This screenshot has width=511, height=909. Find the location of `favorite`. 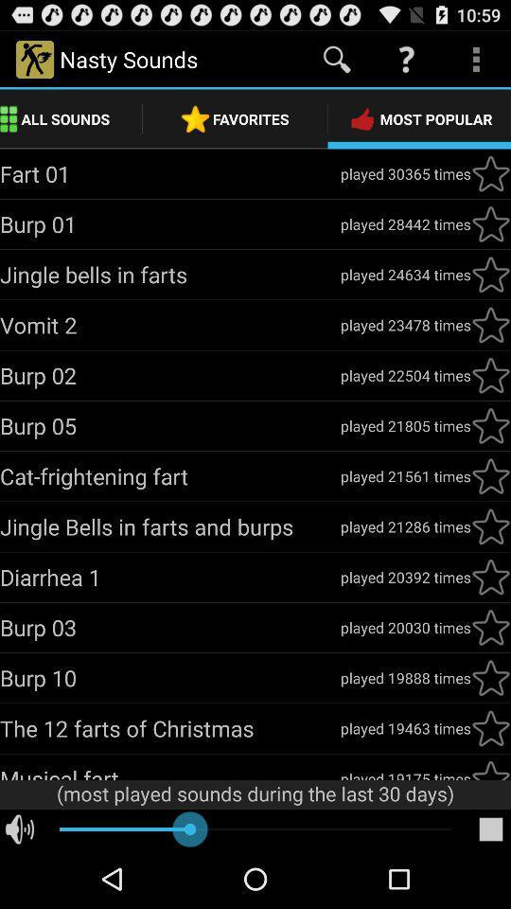

favorite is located at coordinates (490, 274).